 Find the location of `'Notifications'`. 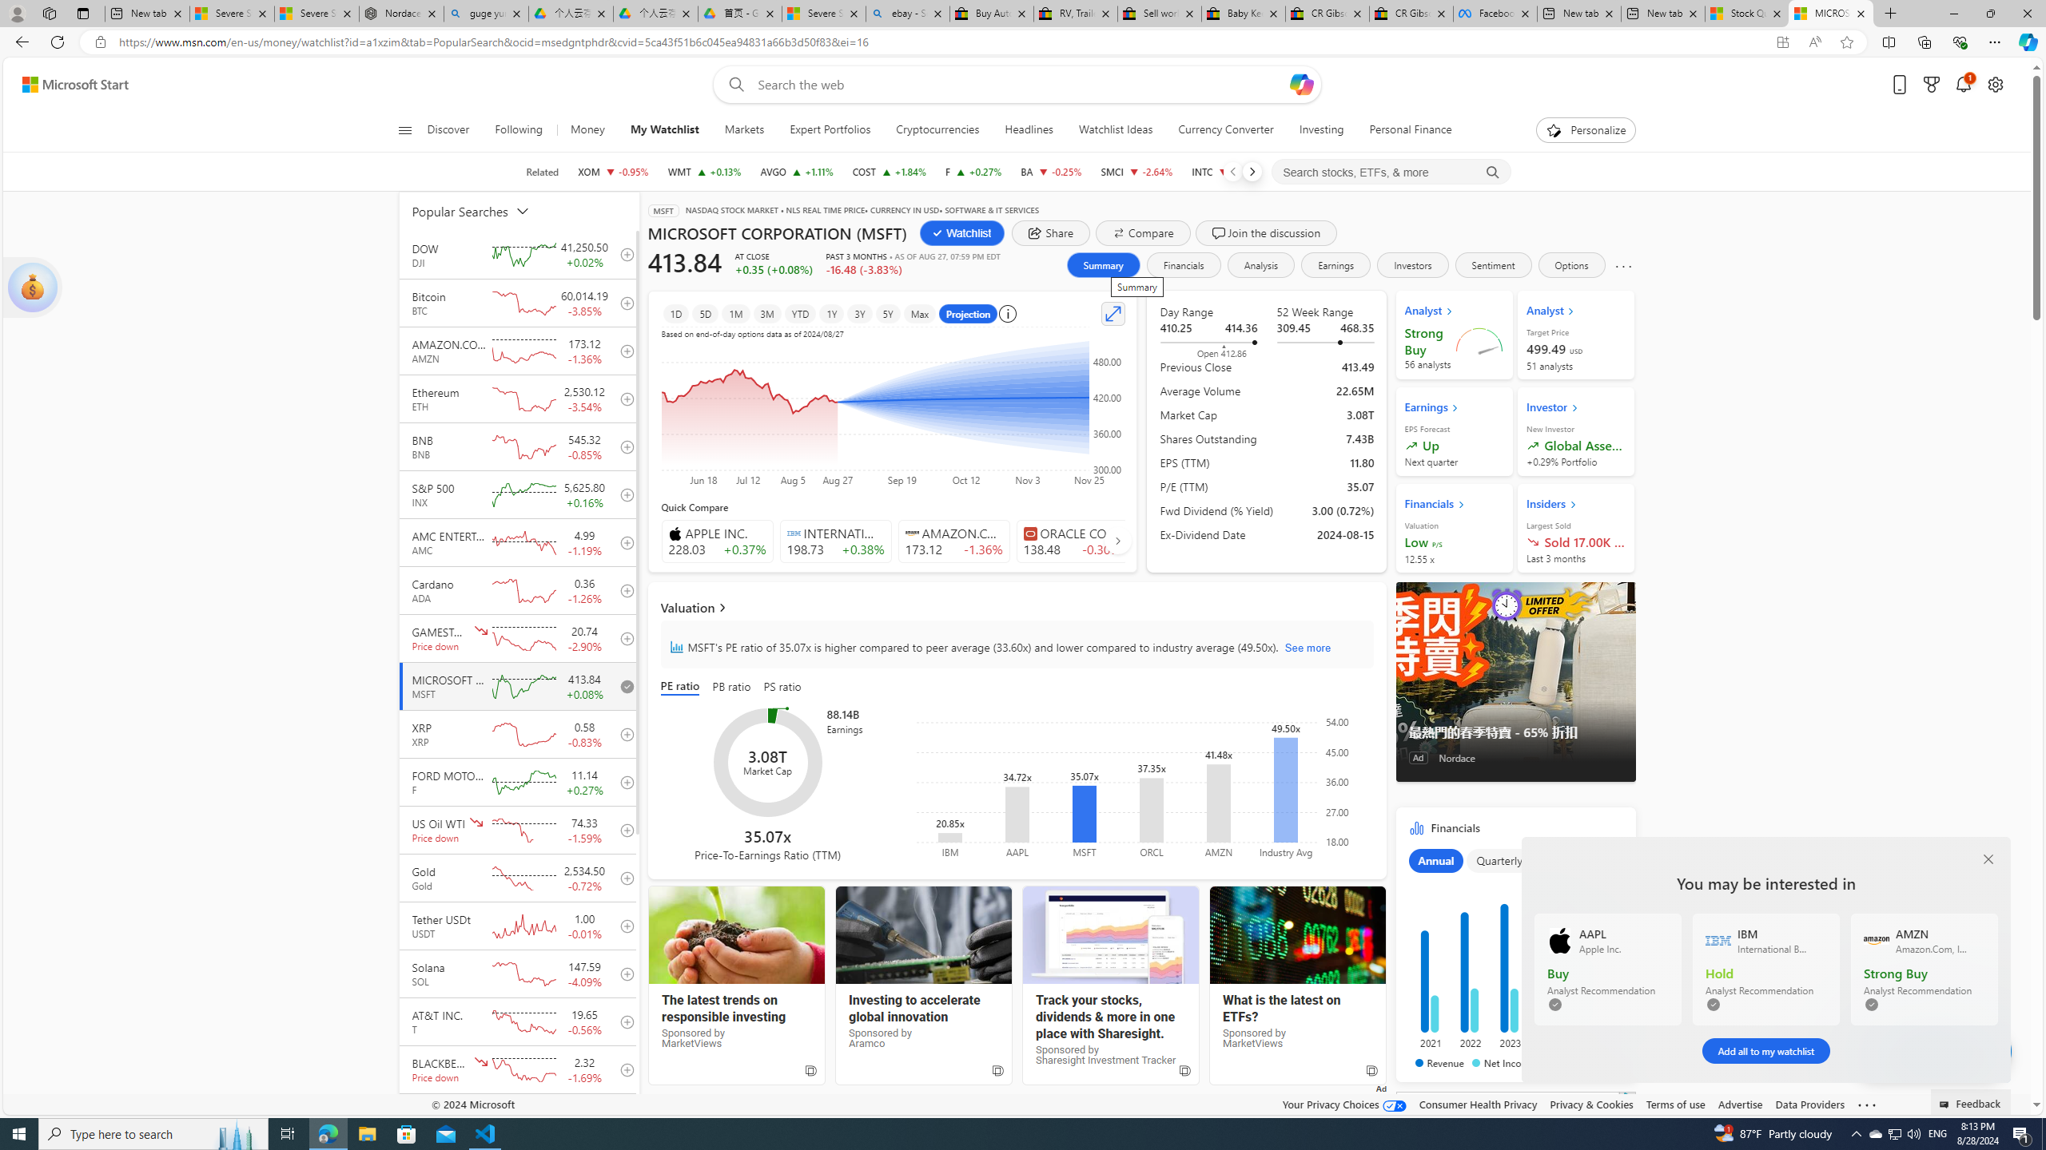

'Notifications' is located at coordinates (1964, 85).